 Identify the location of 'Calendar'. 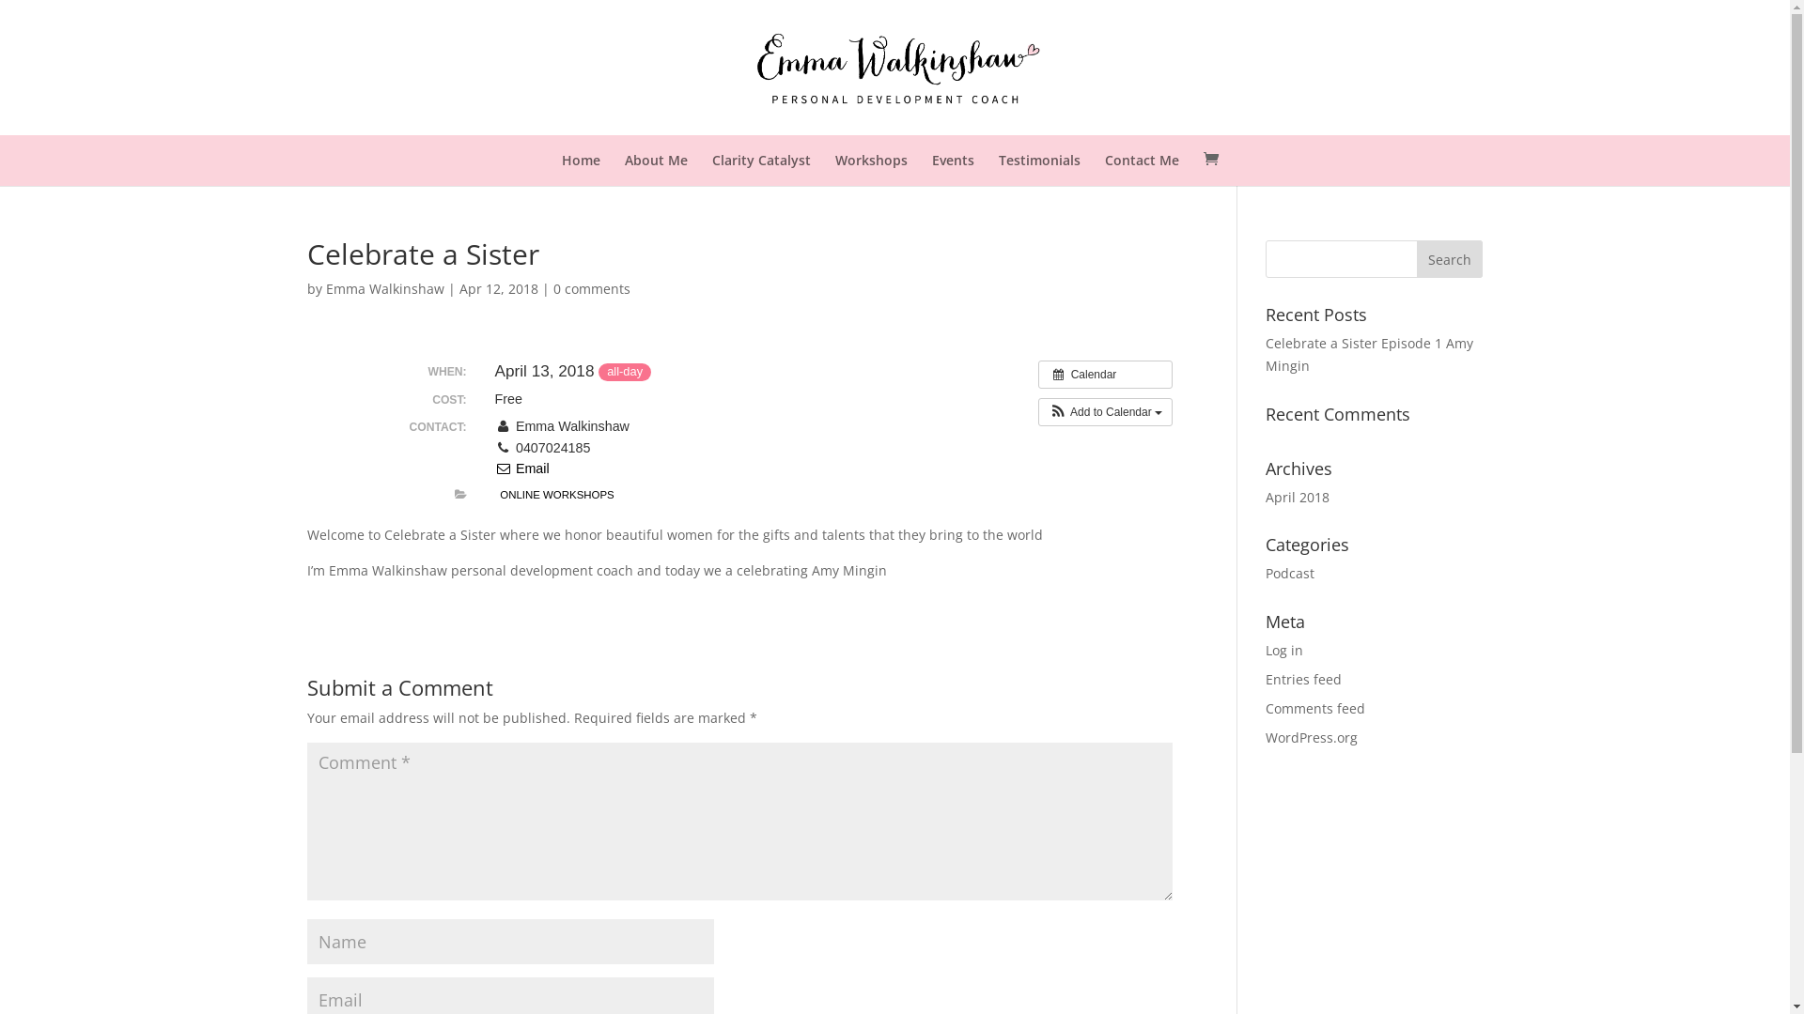
(1105, 374).